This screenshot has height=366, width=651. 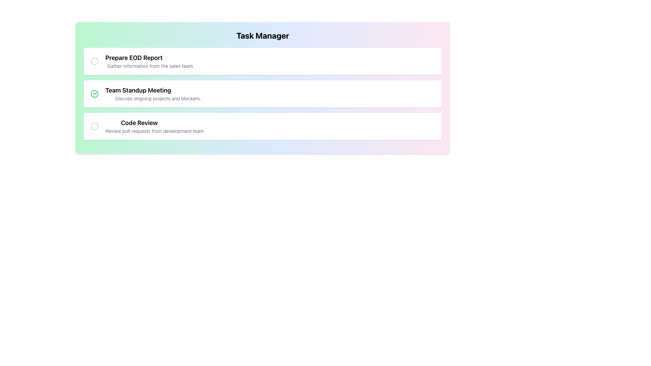 I want to click on the circular icon with a green checkmark that is part of the 'Team Standup Meeting' task in the Task Manager, so click(x=94, y=94).